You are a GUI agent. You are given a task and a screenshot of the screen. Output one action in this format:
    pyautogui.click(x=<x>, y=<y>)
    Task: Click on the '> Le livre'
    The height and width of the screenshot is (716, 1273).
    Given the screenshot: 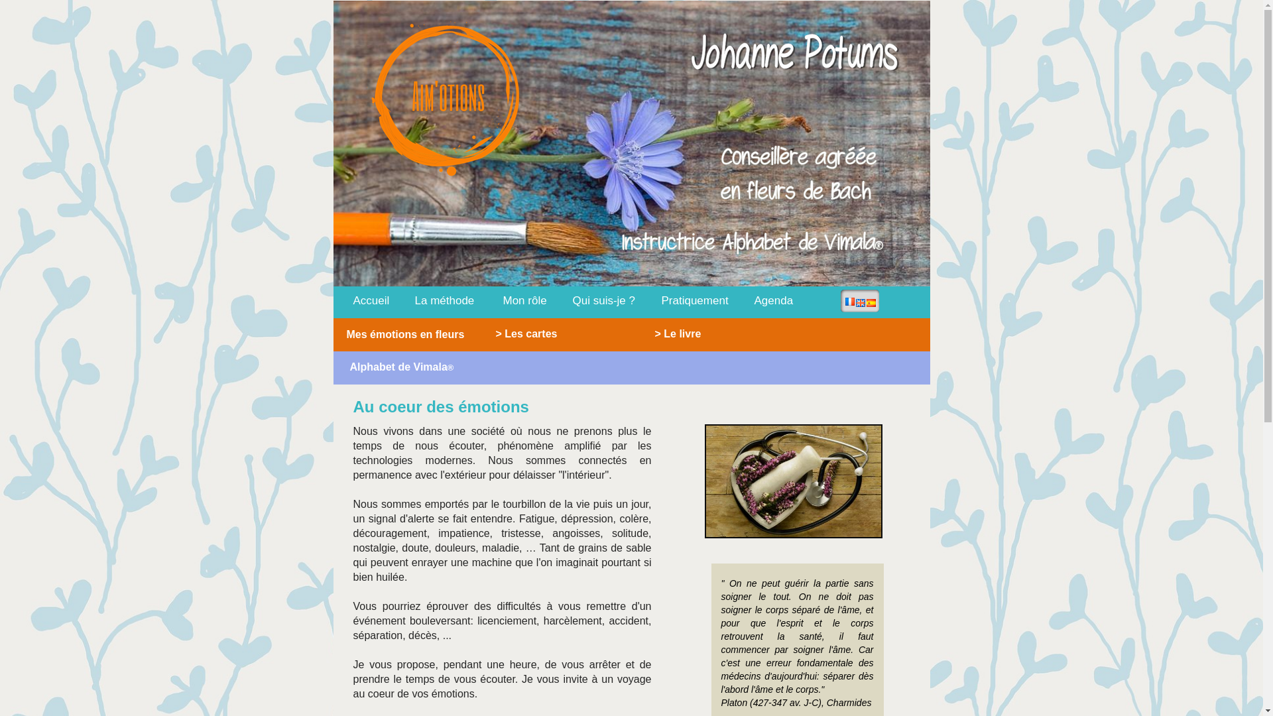 What is the action you would take?
    pyautogui.click(x=678, y=331)
    